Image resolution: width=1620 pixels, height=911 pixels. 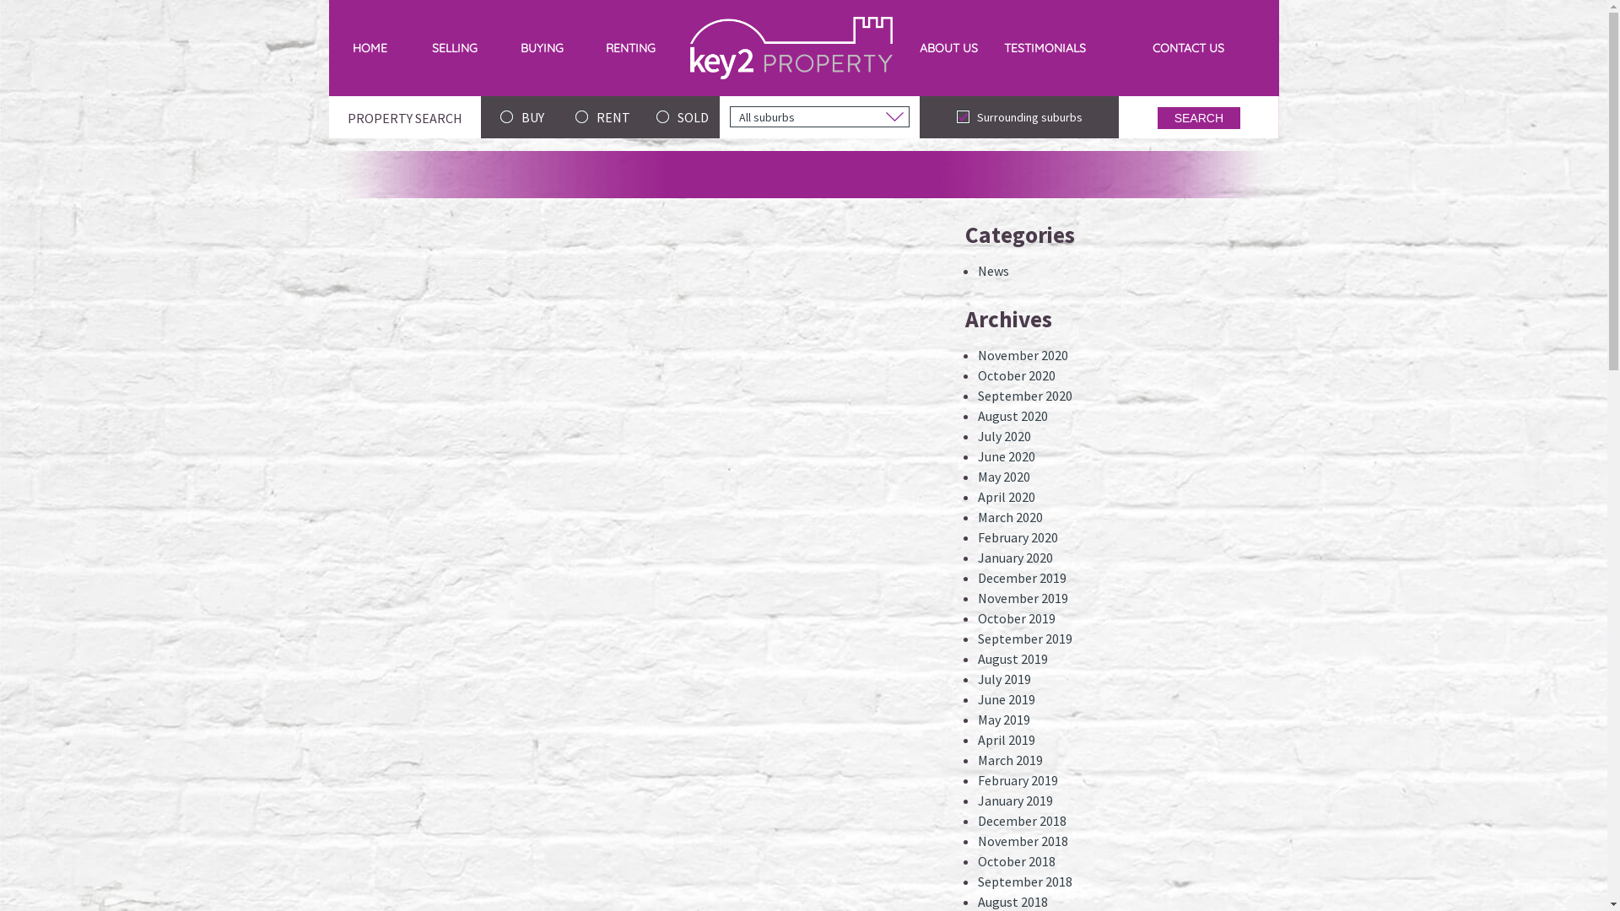 What do you see at coordinates (1010, 760) in the screenshot?
I see `'March 2019'` at bounding box center [1010, 760].